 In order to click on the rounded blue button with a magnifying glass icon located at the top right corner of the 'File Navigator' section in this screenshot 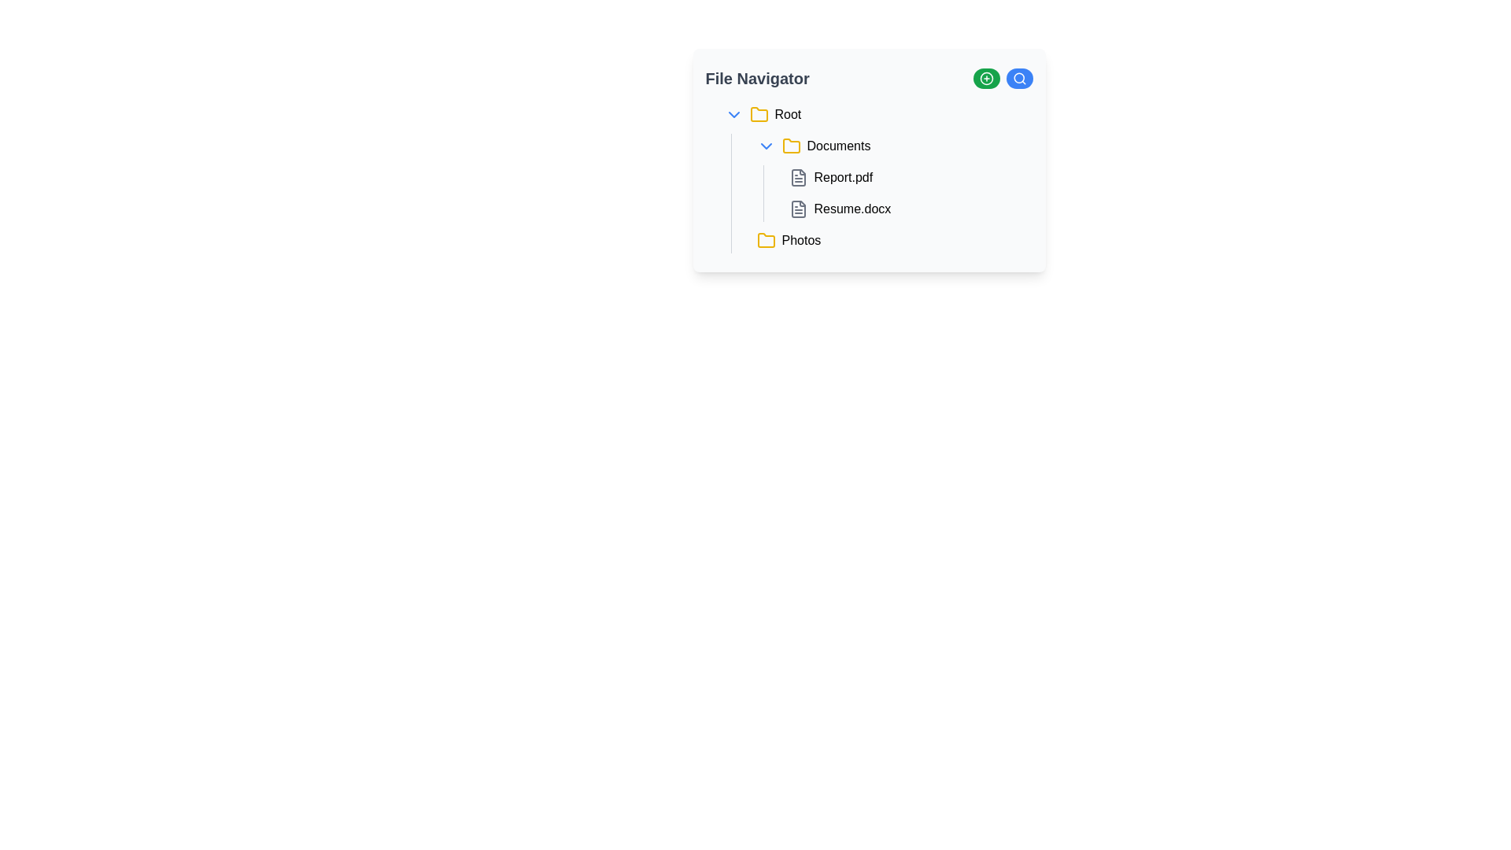, I will do `click(1019, 79)`.